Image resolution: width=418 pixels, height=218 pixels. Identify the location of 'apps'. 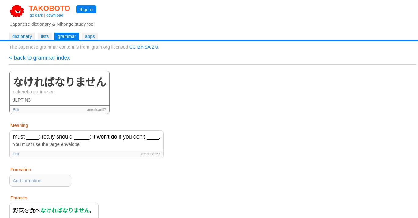
(90, 36).